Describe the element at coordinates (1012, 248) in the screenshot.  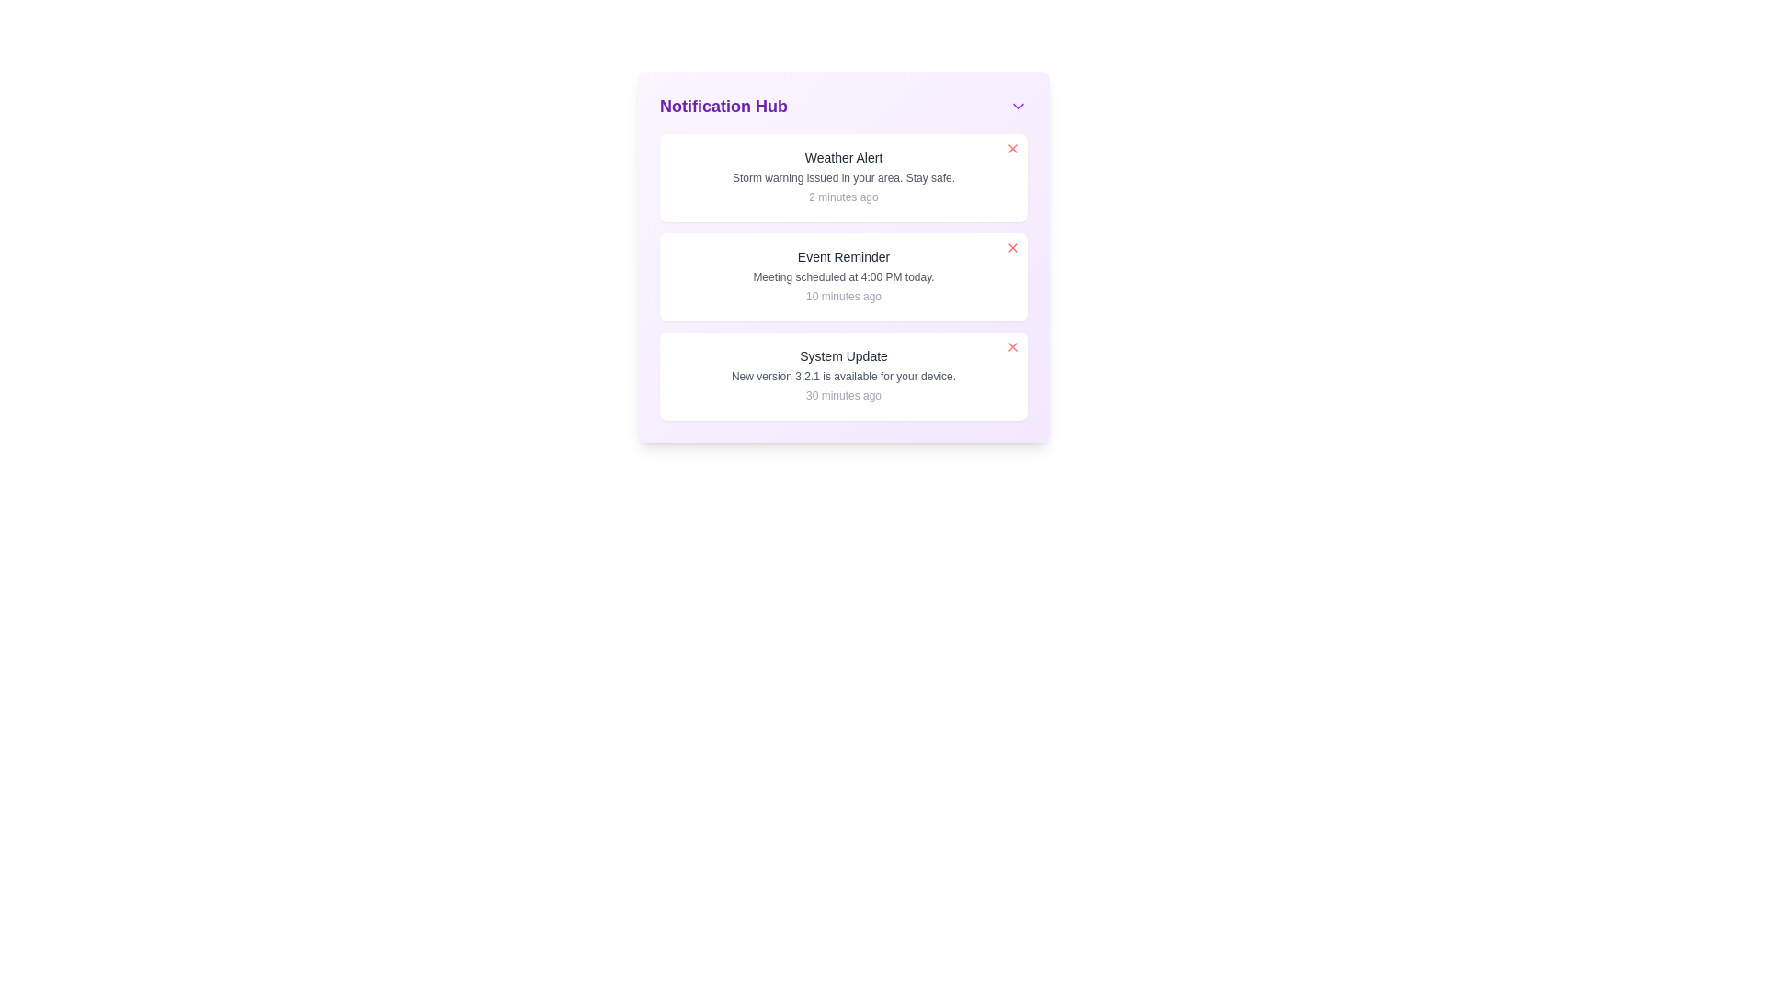
I see `the dismiss button located at the top-right corner of the 'Event Reminder' card to change its color to red` at that location.